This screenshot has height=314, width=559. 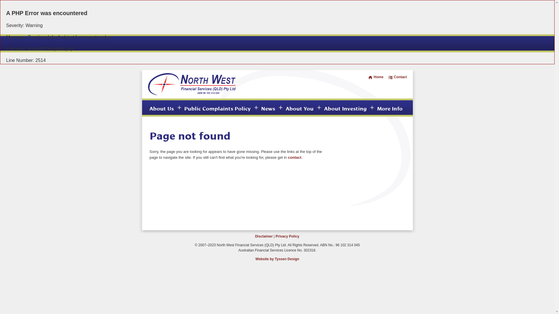 What do you see at coordinates (277, 259) in the screenshot?
I see `'Website by Tyssen Design'` at bounding box center [277, 259].